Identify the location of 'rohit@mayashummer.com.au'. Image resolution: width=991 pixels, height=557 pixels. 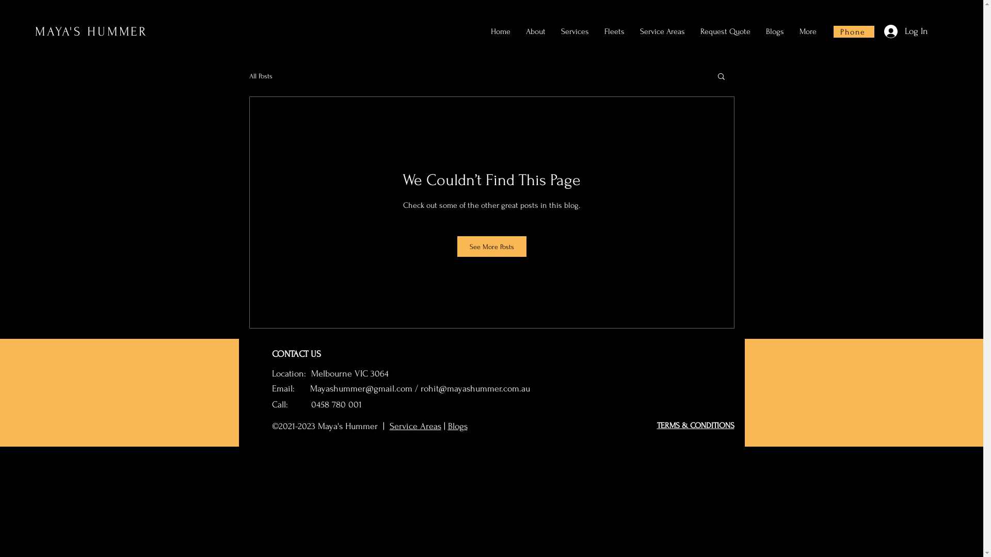
(474, 388).